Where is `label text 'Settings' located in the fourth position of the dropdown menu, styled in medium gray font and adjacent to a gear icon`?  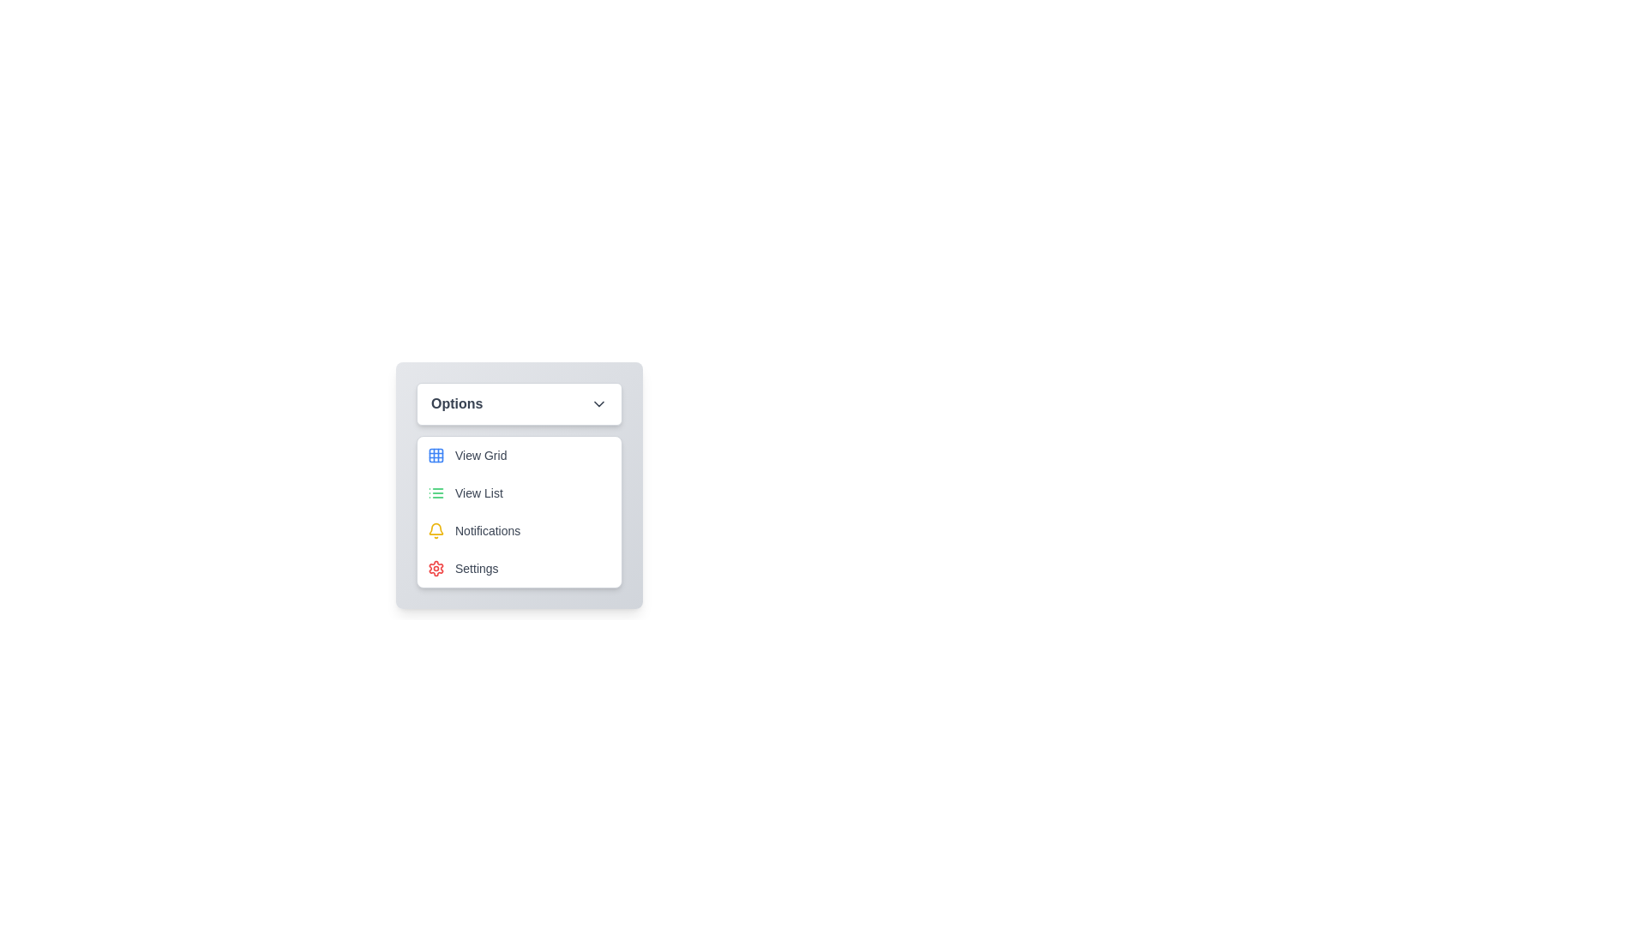
label text 'Settings' located in the fourth position of the dropdown menu, styled in medium gray font and adjacent to a gear icon is located at coordinates (477, 568).